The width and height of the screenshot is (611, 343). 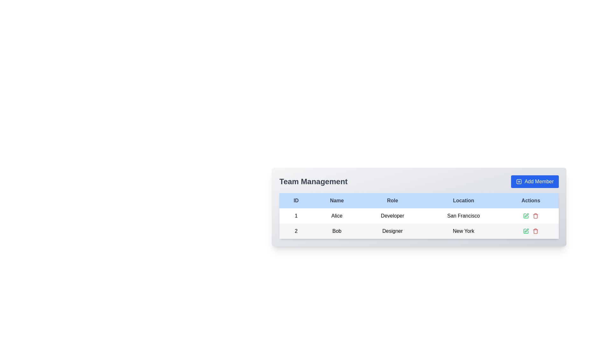 What do you see at coordinates (336, 231) in the screenshot?
I see `the text label displaying 'Bob', which is located in the second row under the 'Name' column of the table` at bounding box center [336, 231].